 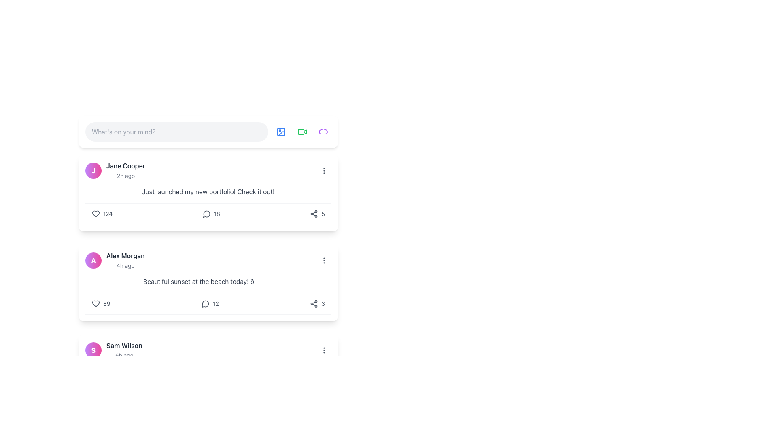 I want to click on the text label displaying the username 'Sam Wilson' and the time '6h ago', so click(x=124, y=350).